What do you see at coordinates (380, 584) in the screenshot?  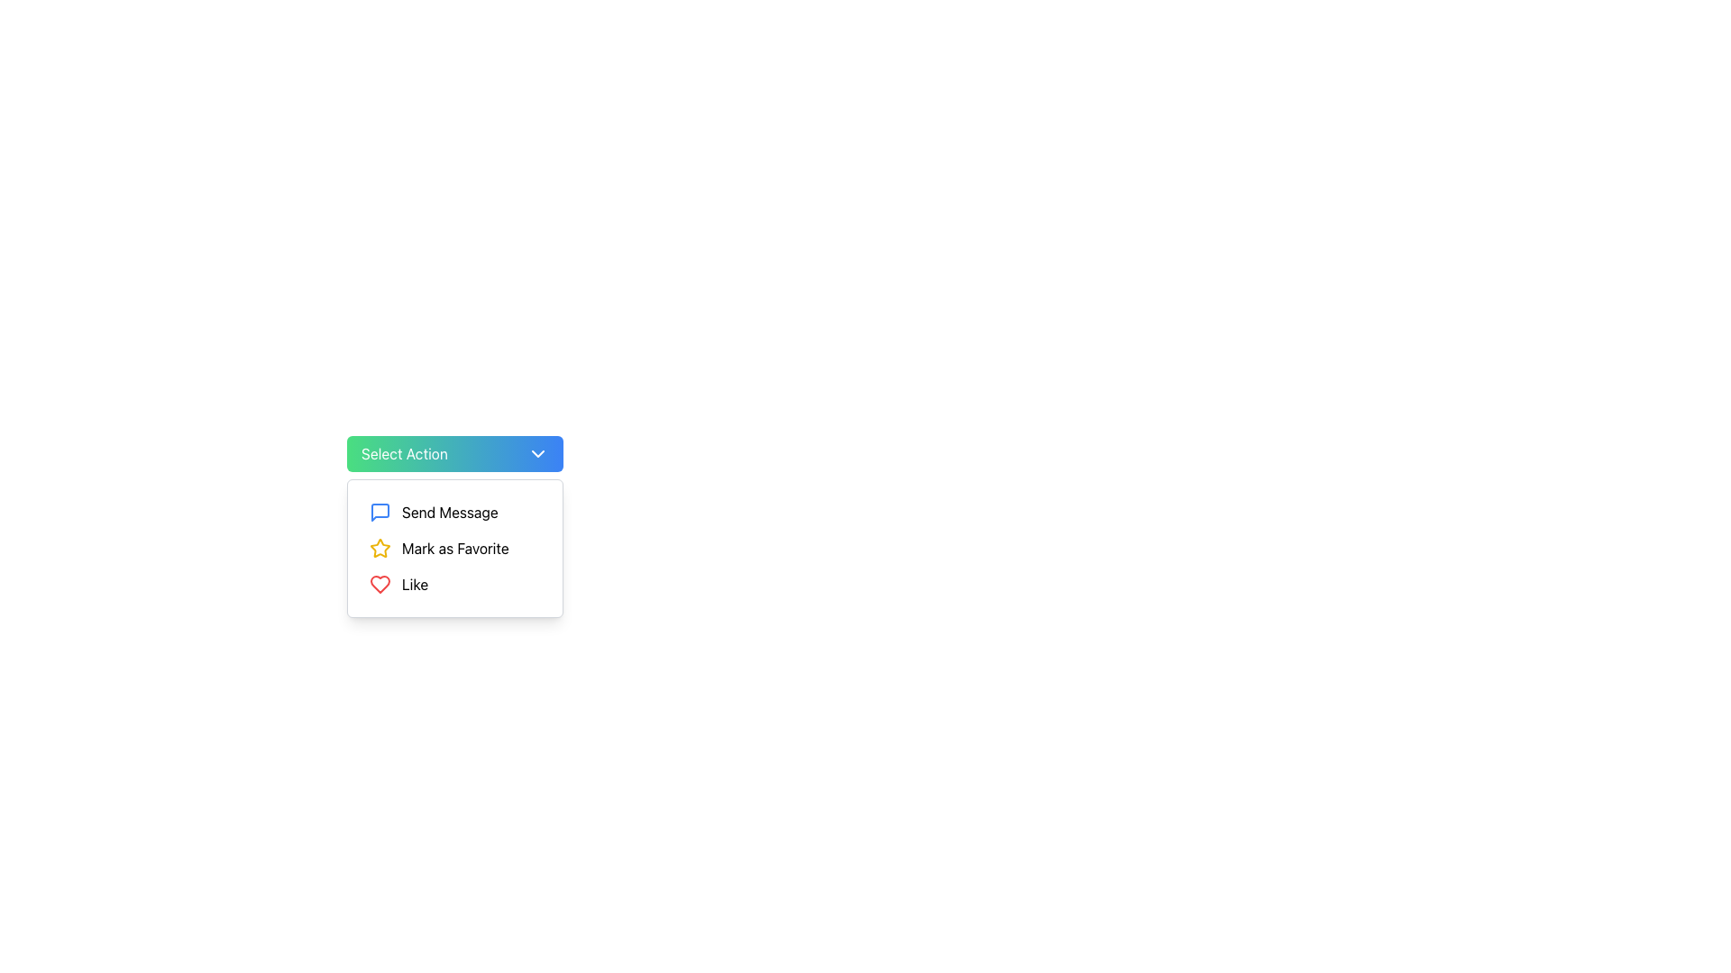 I see `the red heart-shaped icon located next to the 'Like' text in the action menu` at bounding box center [380, 584].